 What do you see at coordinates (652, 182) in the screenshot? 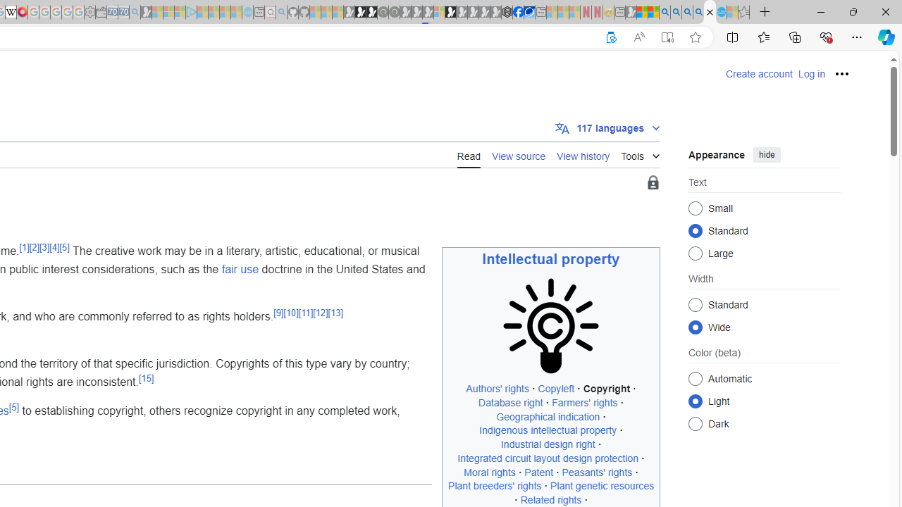
I see `'Page semi-protected'` at bounding box center [652, 182].